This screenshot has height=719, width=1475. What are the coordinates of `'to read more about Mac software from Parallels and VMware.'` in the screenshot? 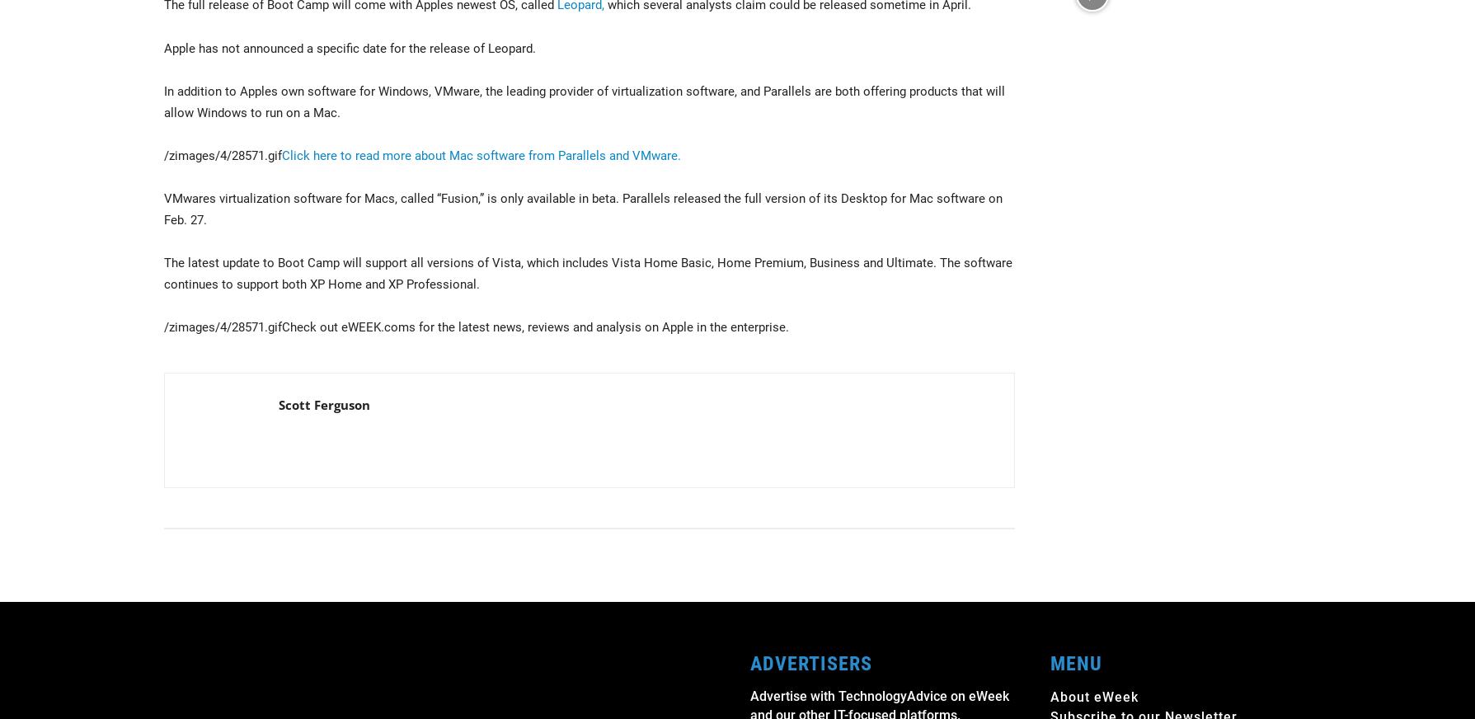 It's located at (336, 155).